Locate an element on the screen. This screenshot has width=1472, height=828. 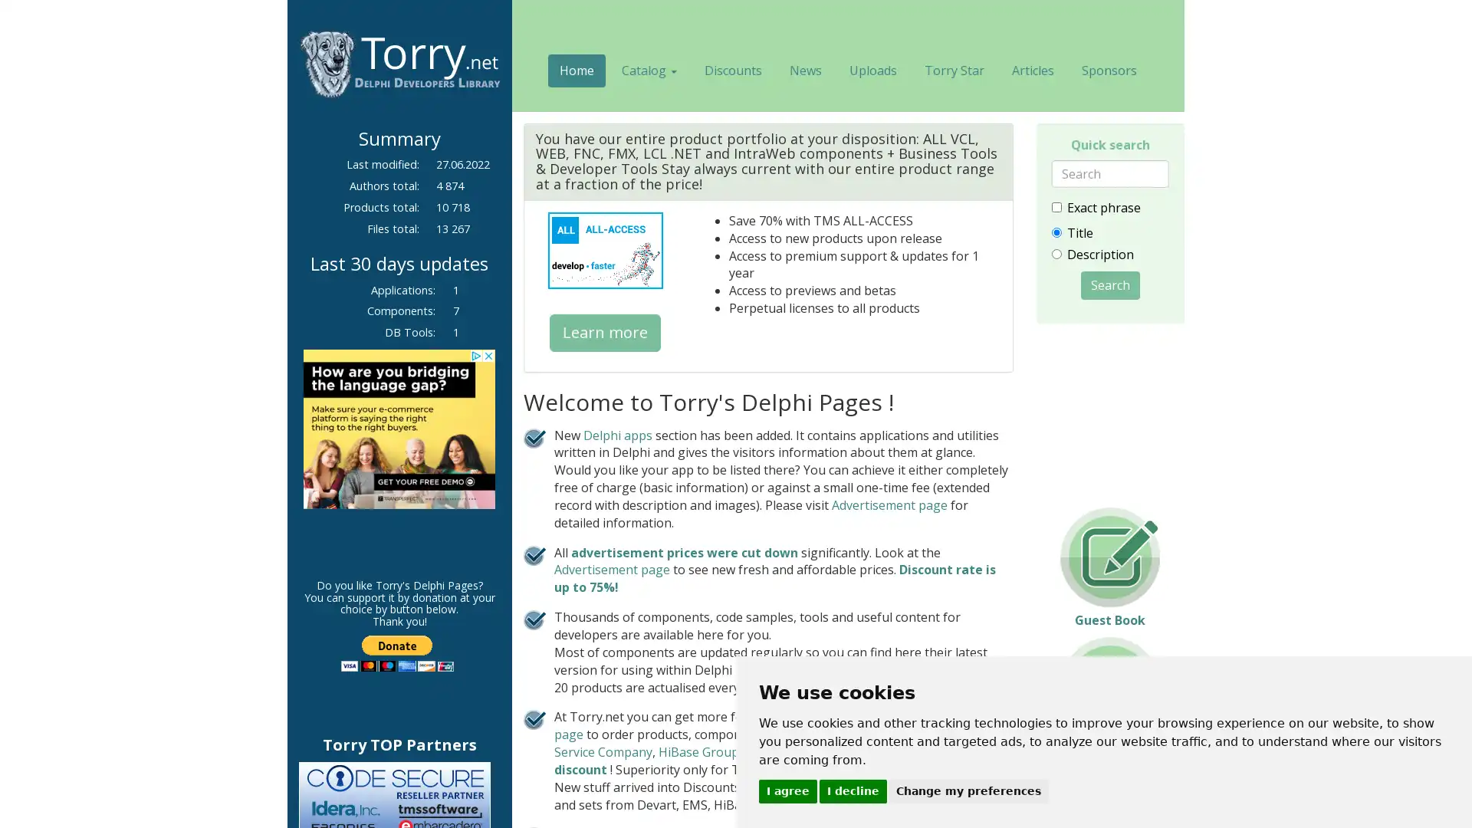
I decline is located at coordinates (852, 790).